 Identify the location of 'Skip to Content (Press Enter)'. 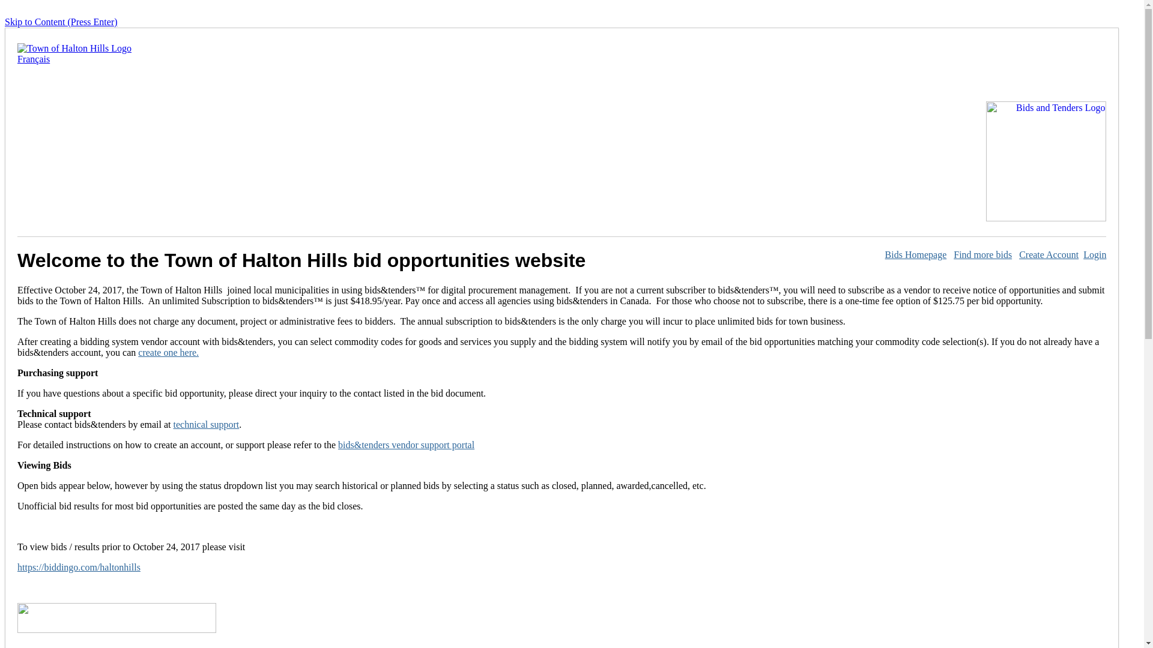
(60, 22).